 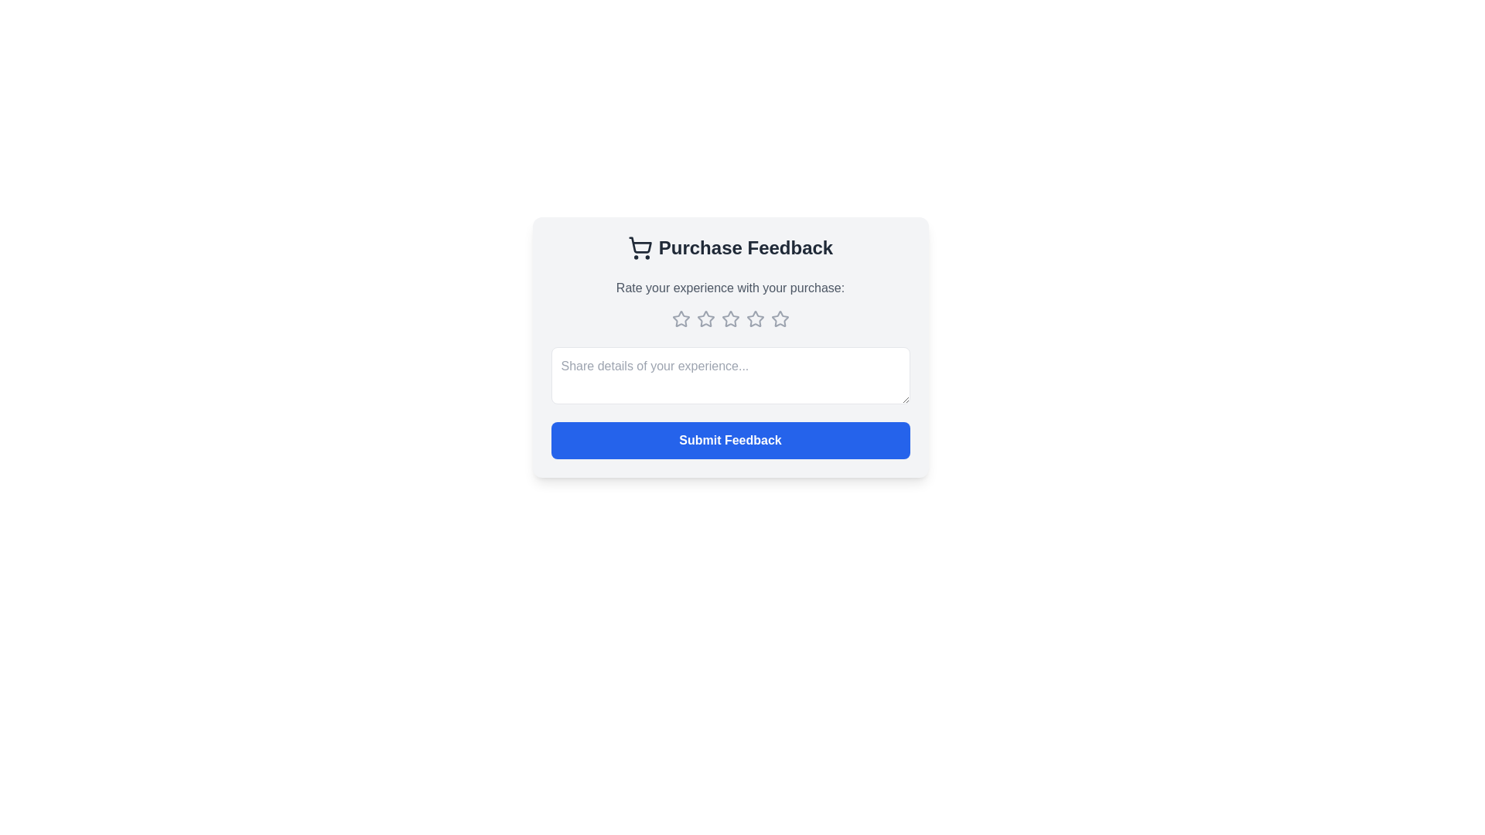 I want to click on the star icon in the rating component located beneath the label 'Rate your experience with your purchase:', so click(x=729, y=318).